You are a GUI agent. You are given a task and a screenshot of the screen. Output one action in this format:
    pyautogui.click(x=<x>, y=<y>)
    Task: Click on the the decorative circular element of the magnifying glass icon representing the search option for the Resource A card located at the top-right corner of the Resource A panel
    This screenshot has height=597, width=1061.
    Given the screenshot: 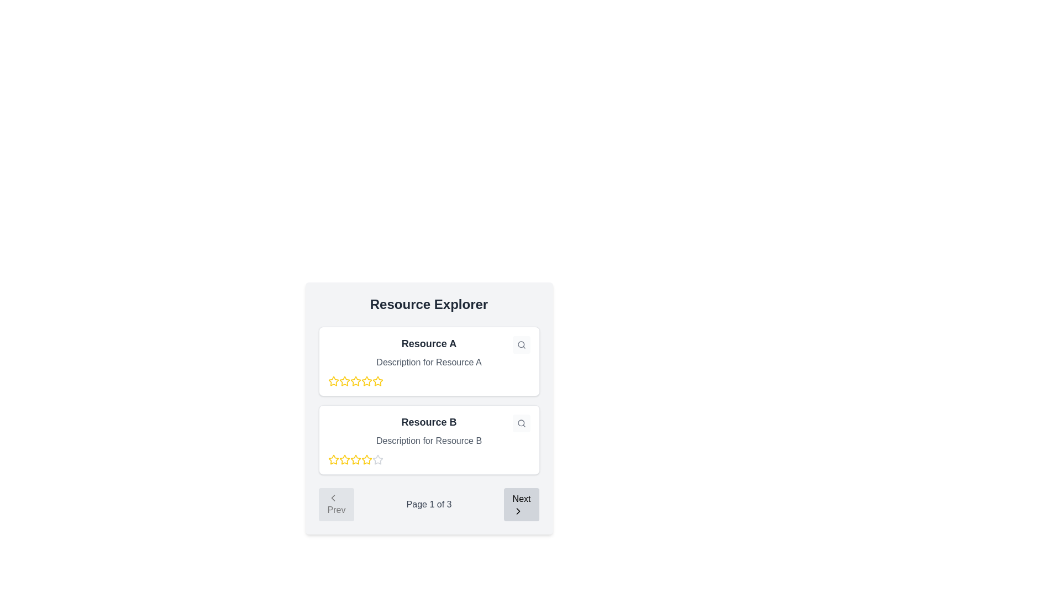 What is the action you would take?
    pyautogui.click(x=520, y=344)
    